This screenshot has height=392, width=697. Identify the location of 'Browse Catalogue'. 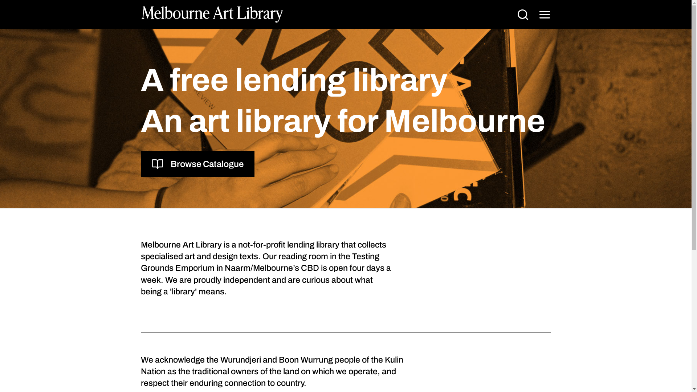
(197, 164).